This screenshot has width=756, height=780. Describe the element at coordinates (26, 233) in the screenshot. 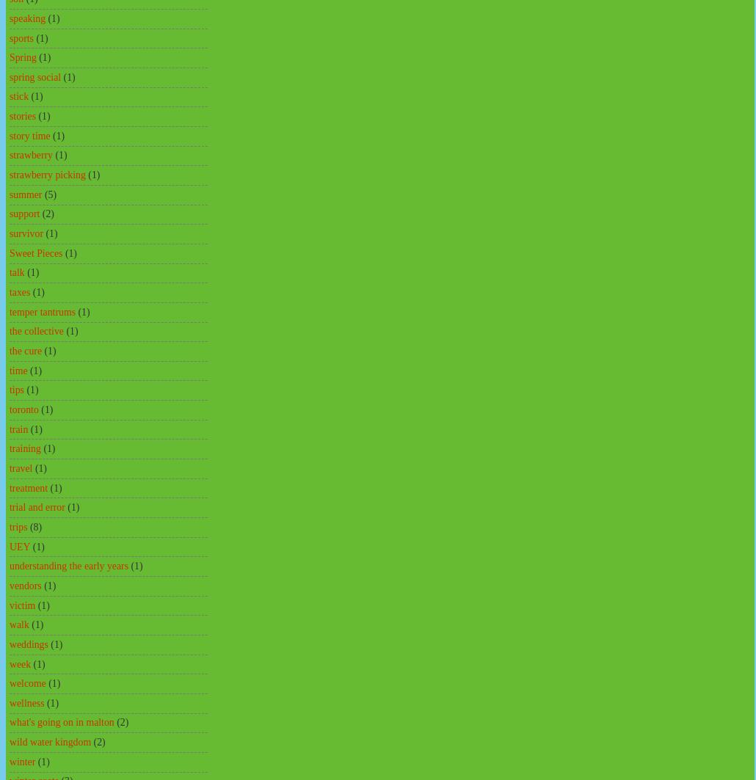

I see `'survivor'` at that location.